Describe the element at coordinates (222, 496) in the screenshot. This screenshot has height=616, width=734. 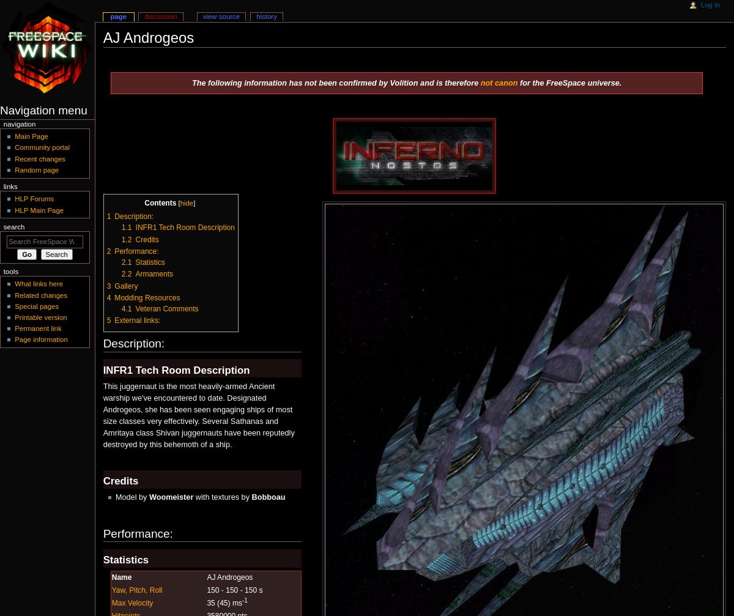
I see `'with textures by'` at that location.